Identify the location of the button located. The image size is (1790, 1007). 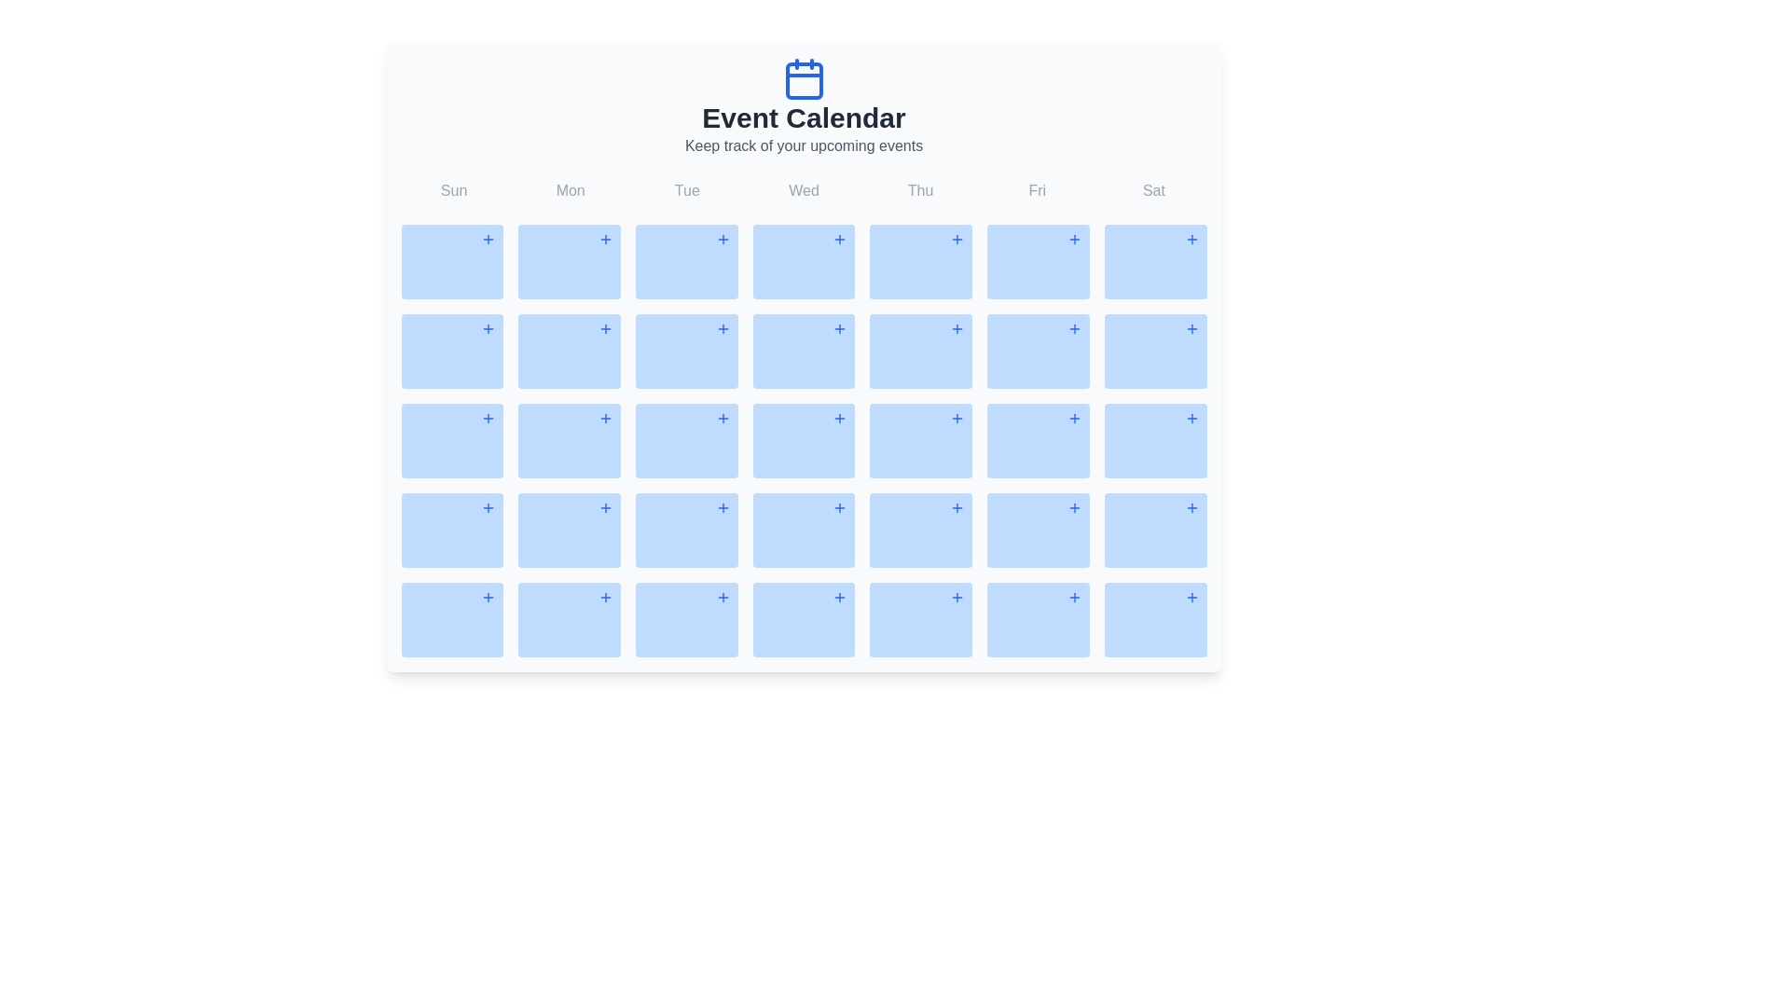
(722, 239).